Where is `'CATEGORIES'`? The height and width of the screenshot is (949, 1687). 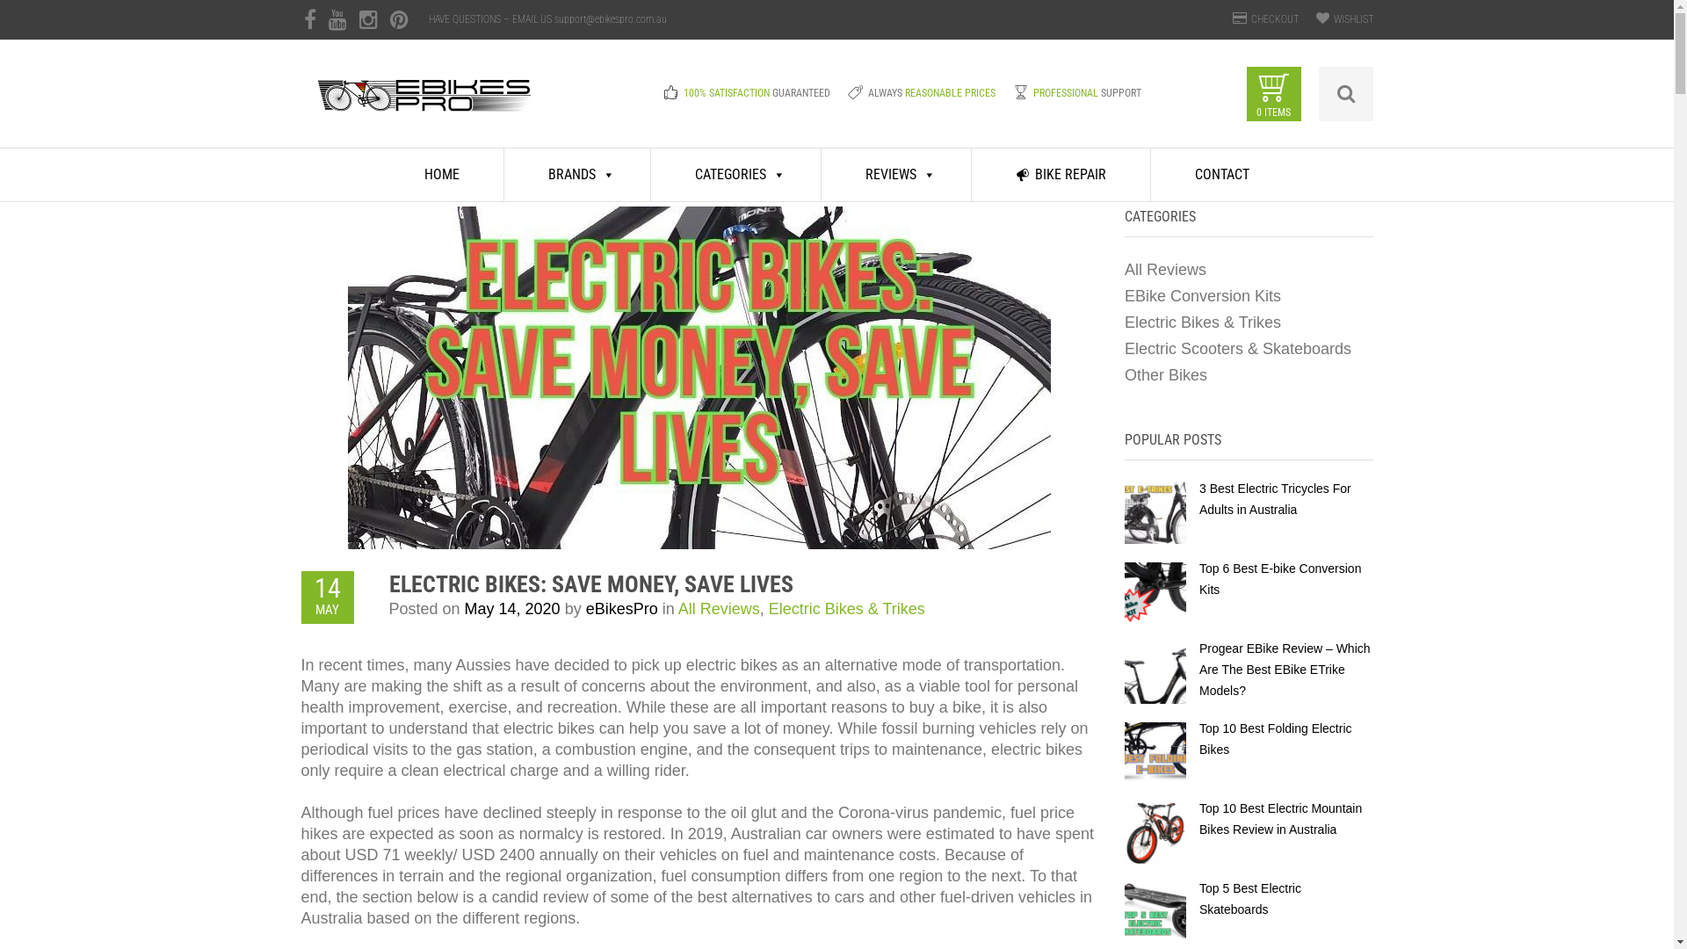
'CATEGORIES' is located at coordinates (649, 175).